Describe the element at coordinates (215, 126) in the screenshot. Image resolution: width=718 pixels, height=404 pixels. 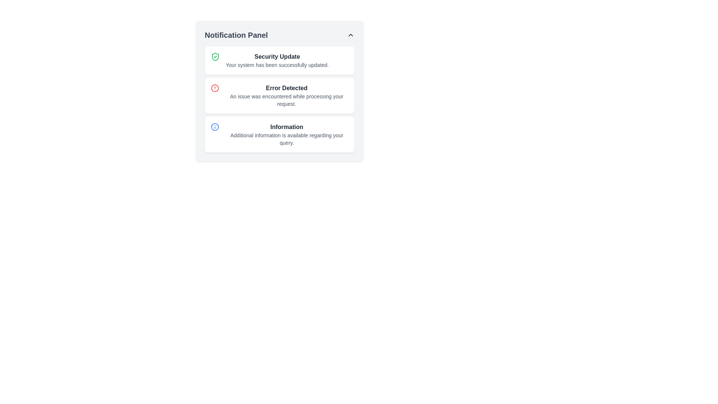
I see `the prominent circular Decorative icon with a blue border located to the left of the text in the 'Information' section of the notification panel` at that location.